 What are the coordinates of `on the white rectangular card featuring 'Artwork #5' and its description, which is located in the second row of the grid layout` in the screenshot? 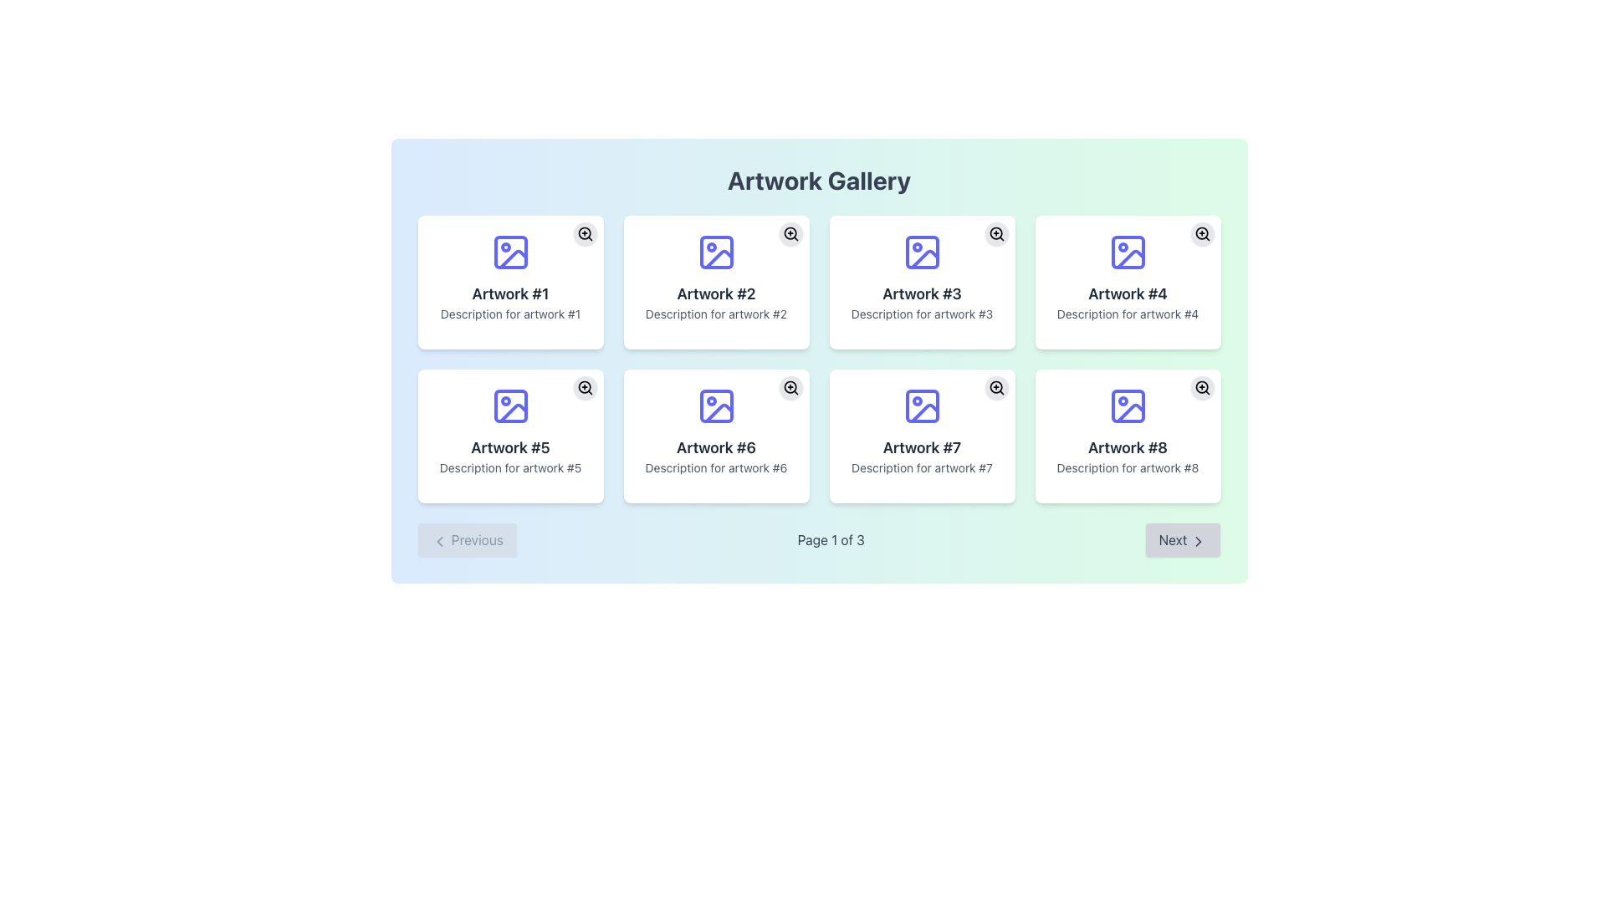 It's located at (509, 435).